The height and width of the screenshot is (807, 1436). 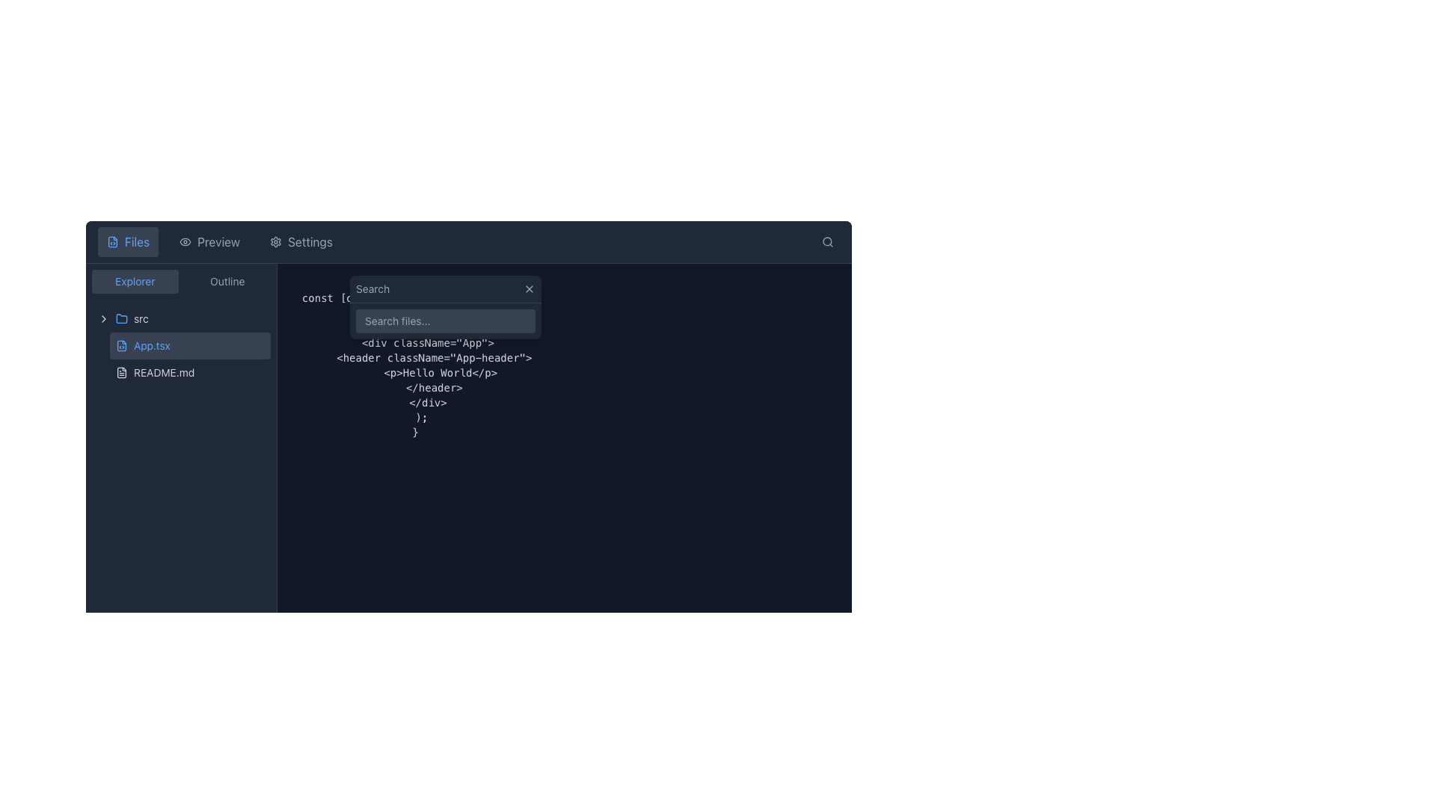 What do you see at coordinates (301, 241) in the screenshot?
I see `the 'Settings' navigation button, which is the third element in the navigation bar and contains a gear icon` at bounding box center [301, 241].